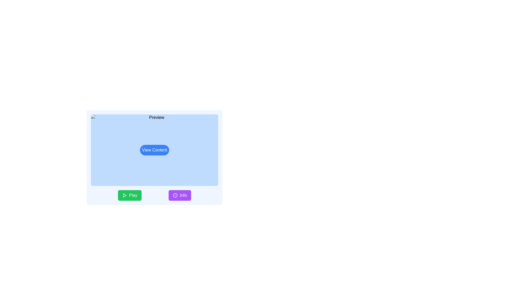 The image size is (509, 286). Describe the element at coordinates (130, 195) in the screenshot. I see `the green 'Play' button with rounded corners that contains a play icon and the text 'Play'` at that location.